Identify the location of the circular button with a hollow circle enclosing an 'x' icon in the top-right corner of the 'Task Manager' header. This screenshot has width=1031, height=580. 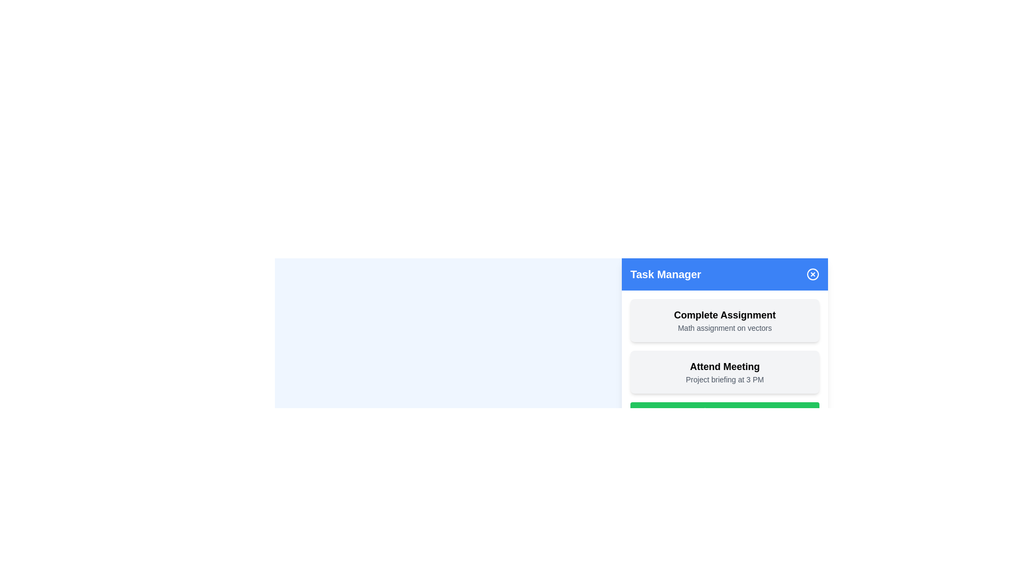
(812, 273).